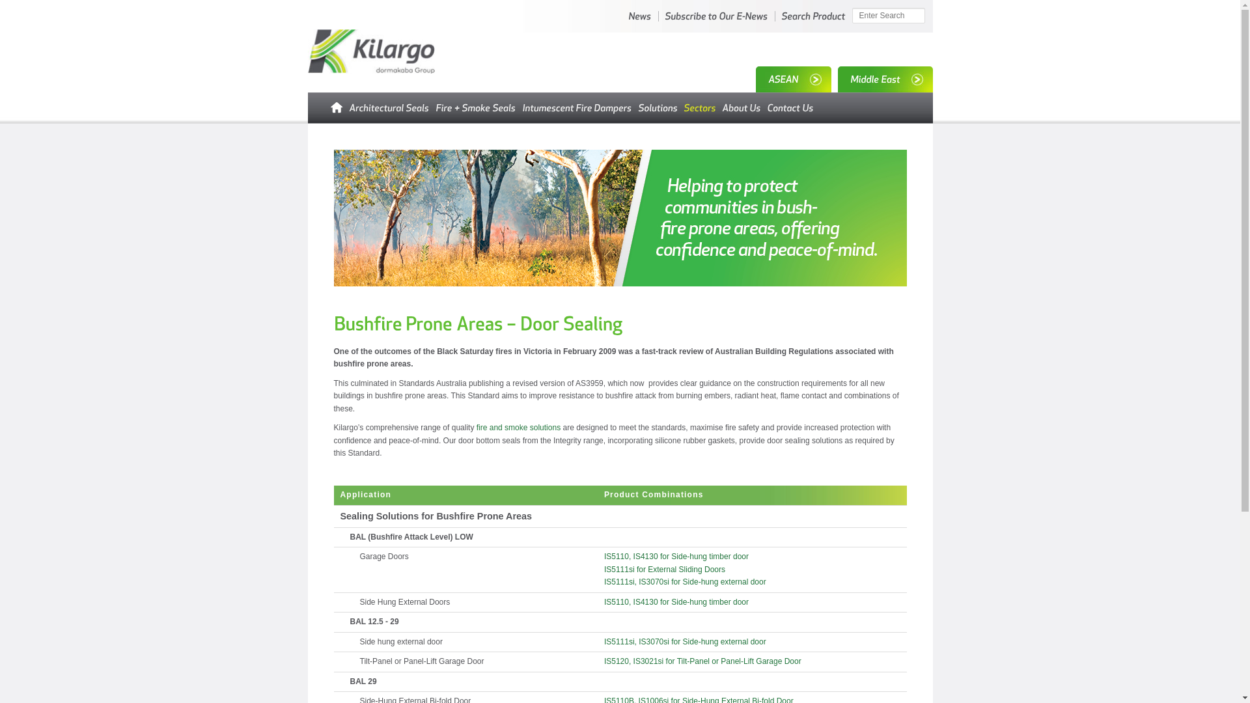  What do you see at coordinates (676, 602) in the screenshot?
I see `'IS5110, IS4130 for Side-hung timber door'` at bounding box center [676, 602].